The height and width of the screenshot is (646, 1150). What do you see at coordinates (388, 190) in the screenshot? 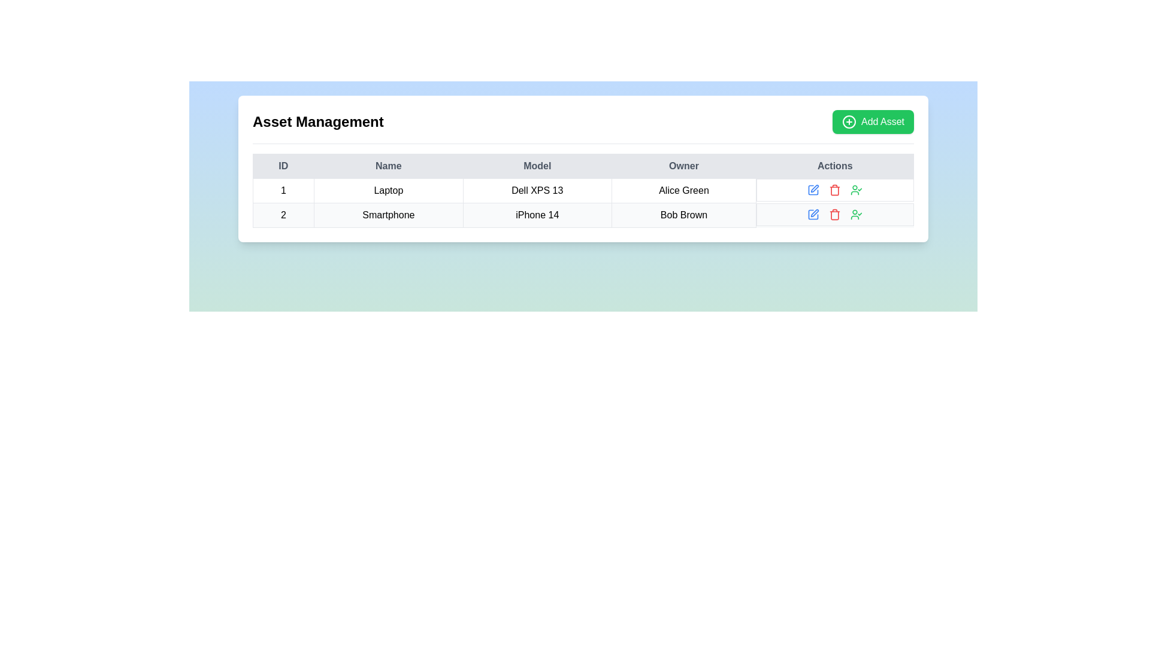
I see `the text label displaying 'Laptop' which is located in the second column of the first data row under the header 'Name' in a table structure` at bounding box center [388, 190].